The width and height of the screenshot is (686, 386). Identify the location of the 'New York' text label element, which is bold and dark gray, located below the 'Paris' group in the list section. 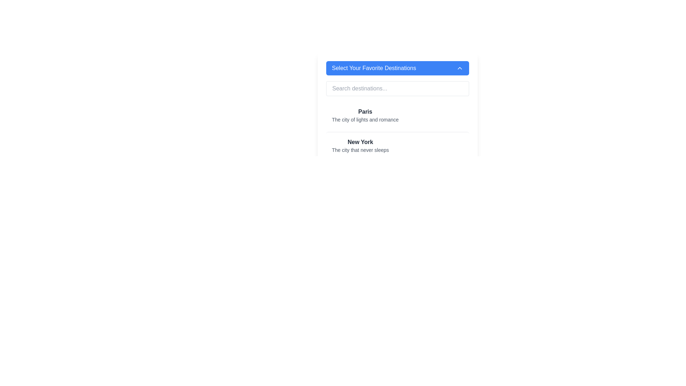
(360, 142).